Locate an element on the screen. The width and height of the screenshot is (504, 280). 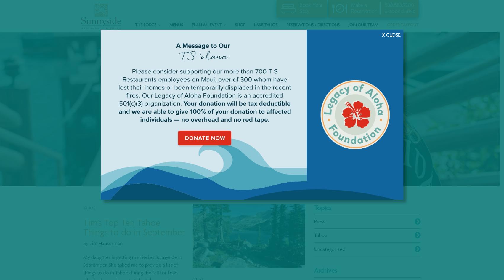
'Stay' is located at coordinates (304, 11).